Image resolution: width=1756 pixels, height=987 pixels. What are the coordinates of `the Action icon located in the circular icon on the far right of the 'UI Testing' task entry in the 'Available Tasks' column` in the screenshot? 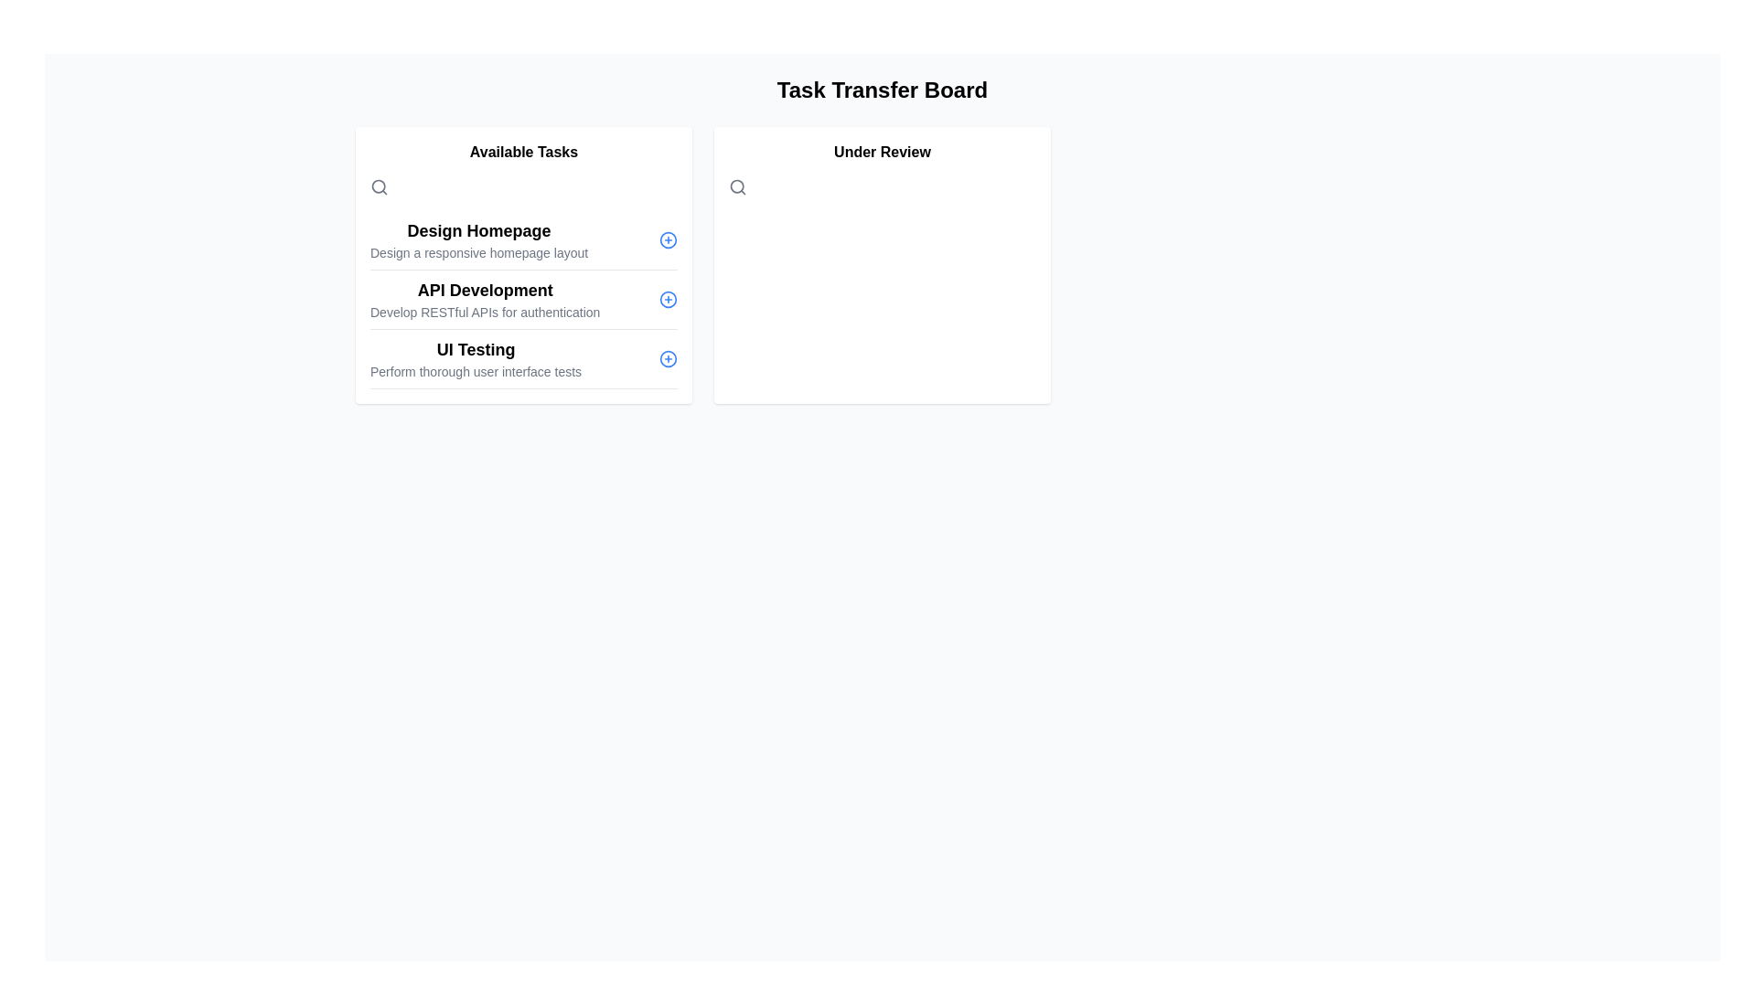 It's located at (667, 359).